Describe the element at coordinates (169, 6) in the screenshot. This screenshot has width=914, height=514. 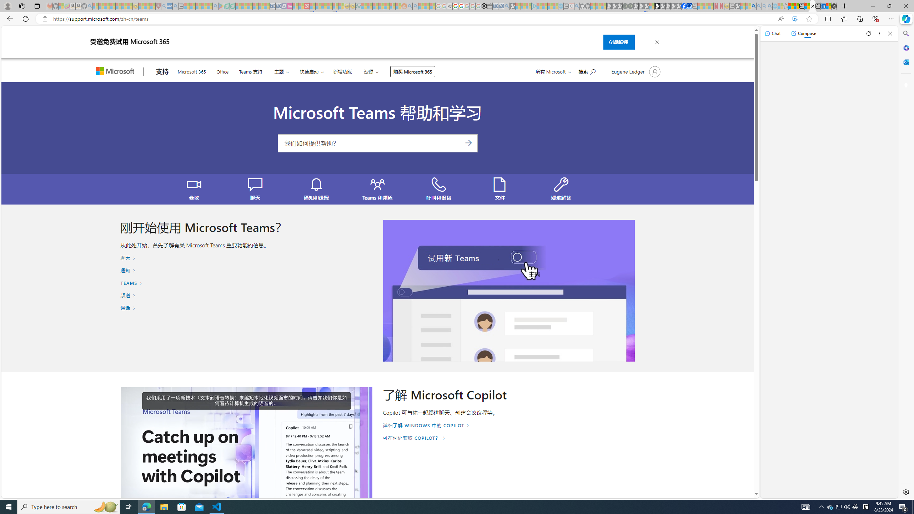
I see `'NCL Adult Asthma Inhaler Choice Guideline - Sleeping'` at that location.